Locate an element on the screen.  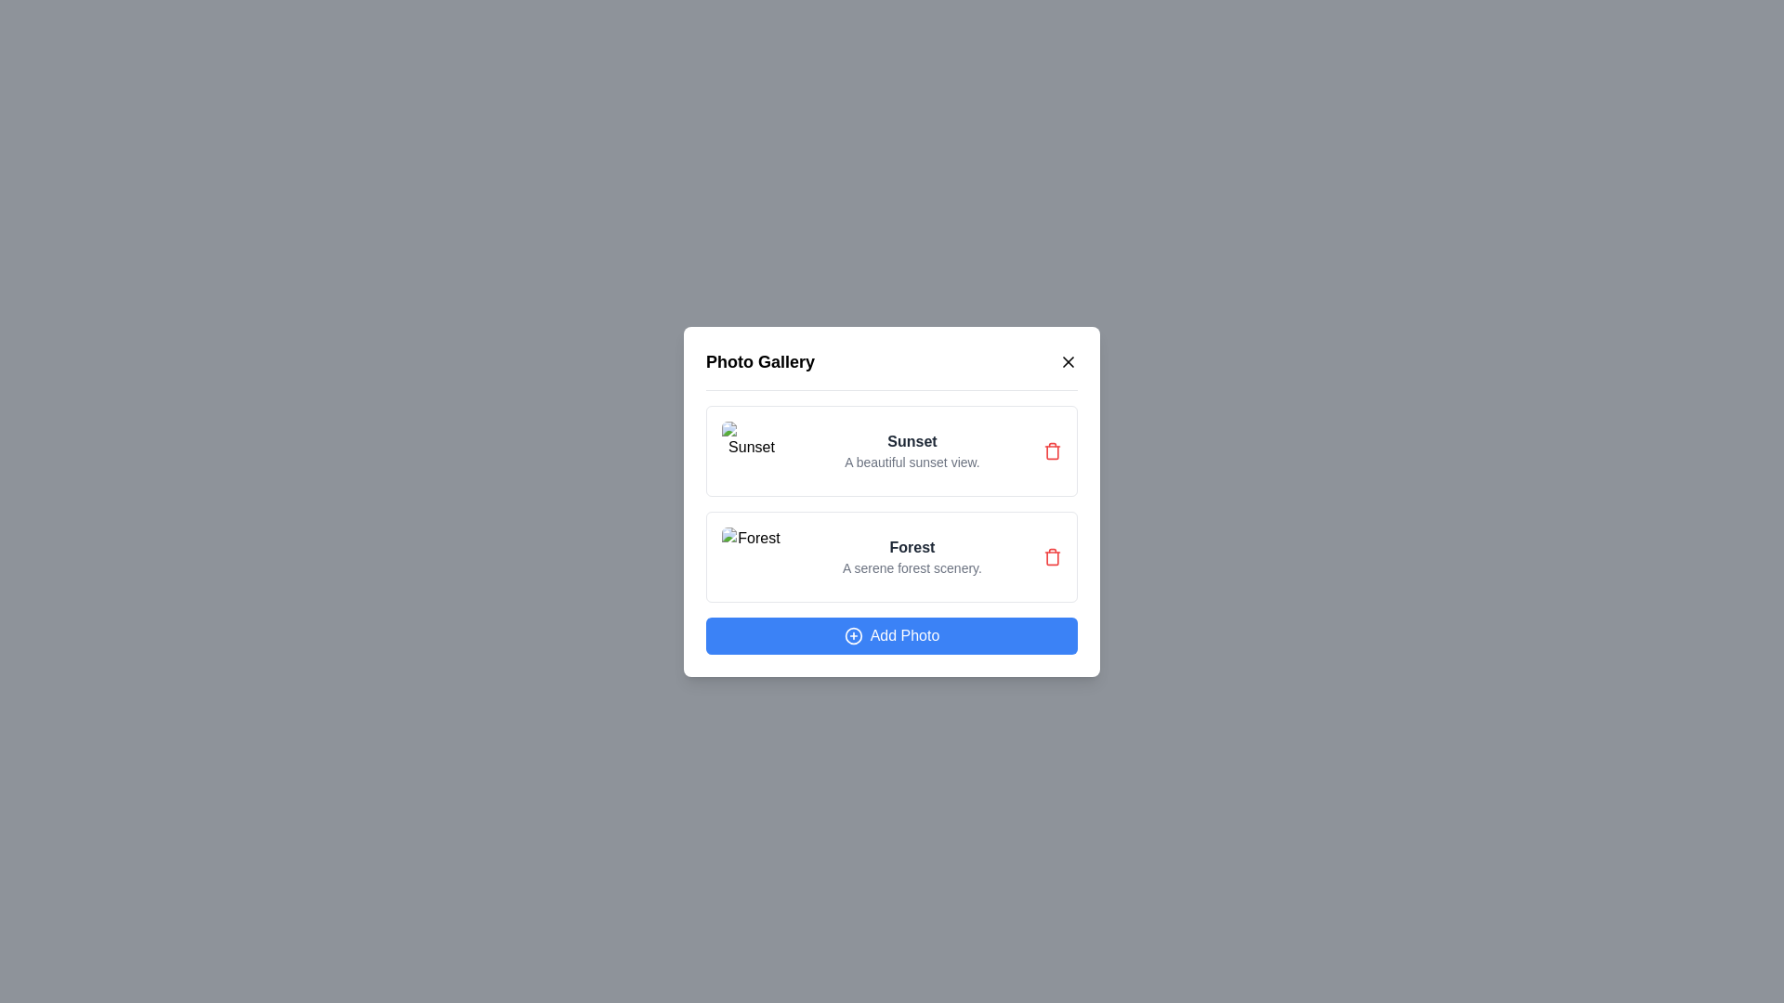
the 'Add Photo' button, a rectangular button with a blue background and white rounded corners located at the bottom of the modal window is located at coordinates (892, 634).